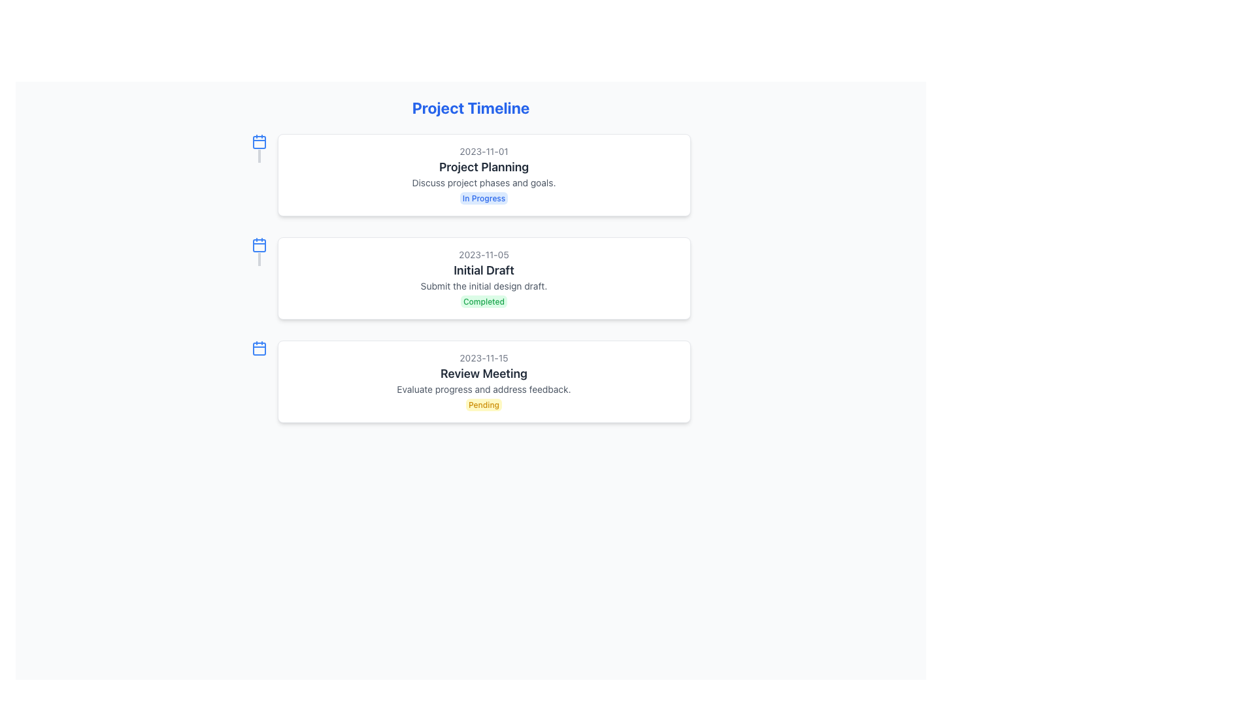  Describe the element at coordinates (483, 254) in the screenshot. I see `the Static Text element that provides a timestamp or date, located above the 'Initial Draft' text` at that location.